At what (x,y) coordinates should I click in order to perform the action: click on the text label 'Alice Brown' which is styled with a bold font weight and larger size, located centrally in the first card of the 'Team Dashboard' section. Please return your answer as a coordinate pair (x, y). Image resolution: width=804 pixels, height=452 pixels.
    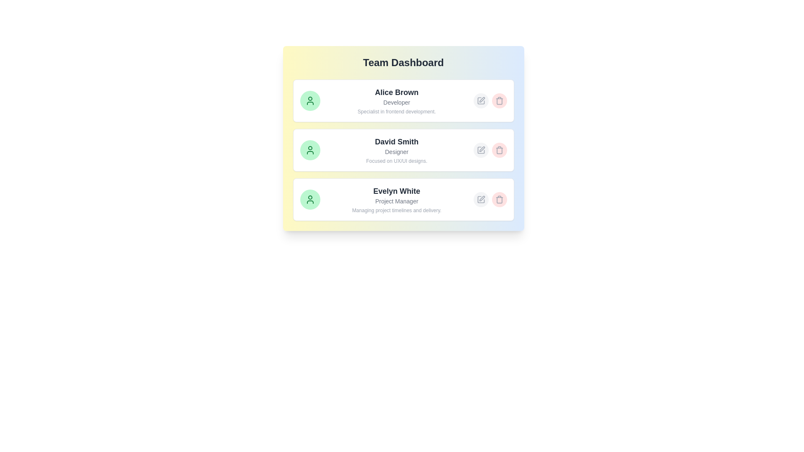
    Looking at the image, I should click on (396, 92).